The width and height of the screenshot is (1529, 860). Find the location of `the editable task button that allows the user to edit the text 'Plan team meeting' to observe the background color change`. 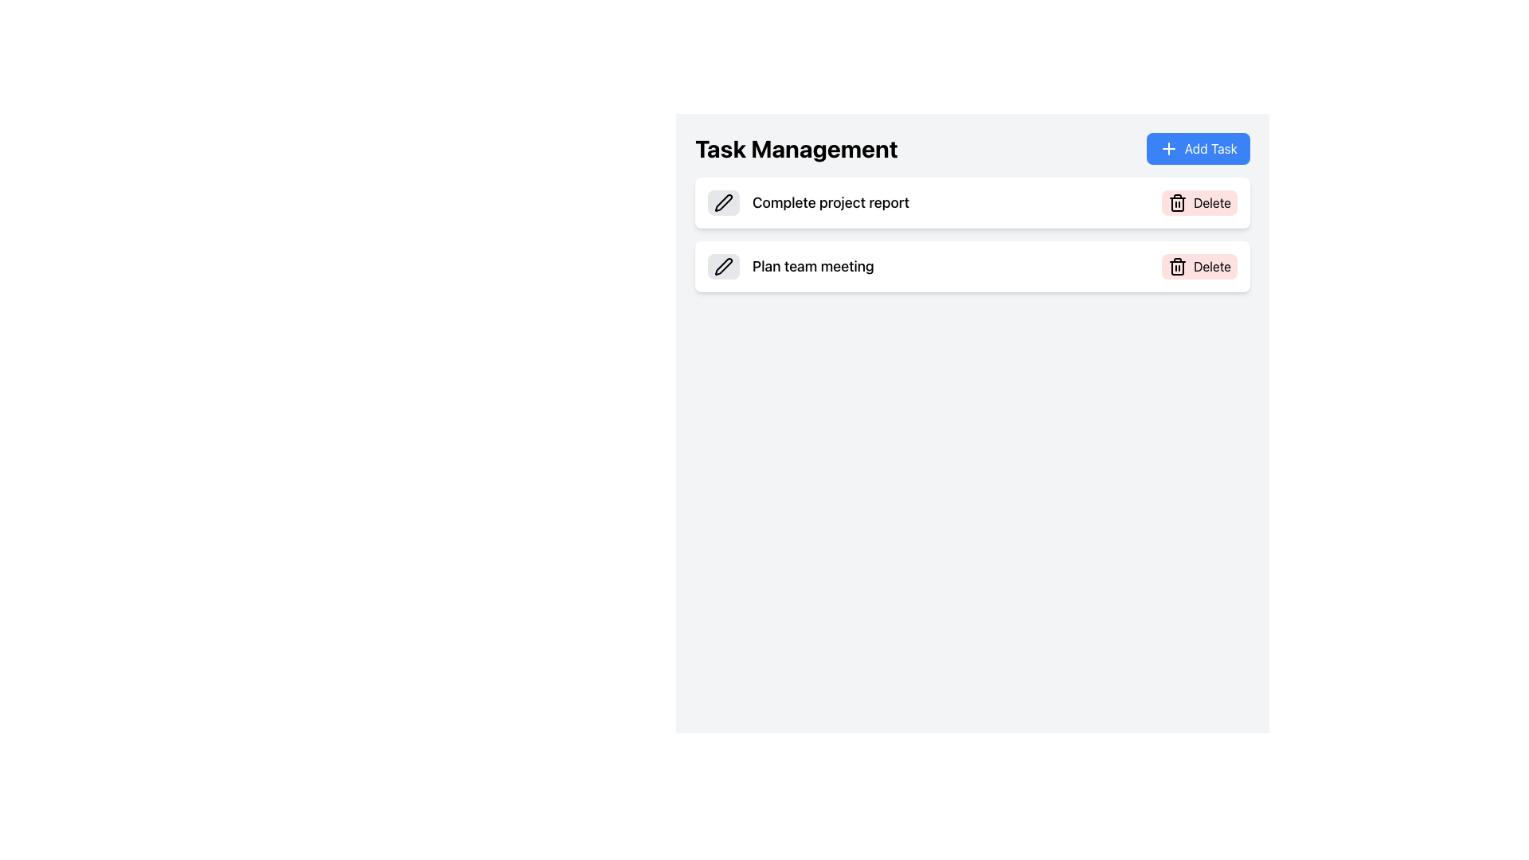

the editable task button that allows the user to edit the text 'Plan team meeting' to observe the background color change is located at coordinates (722, 266).